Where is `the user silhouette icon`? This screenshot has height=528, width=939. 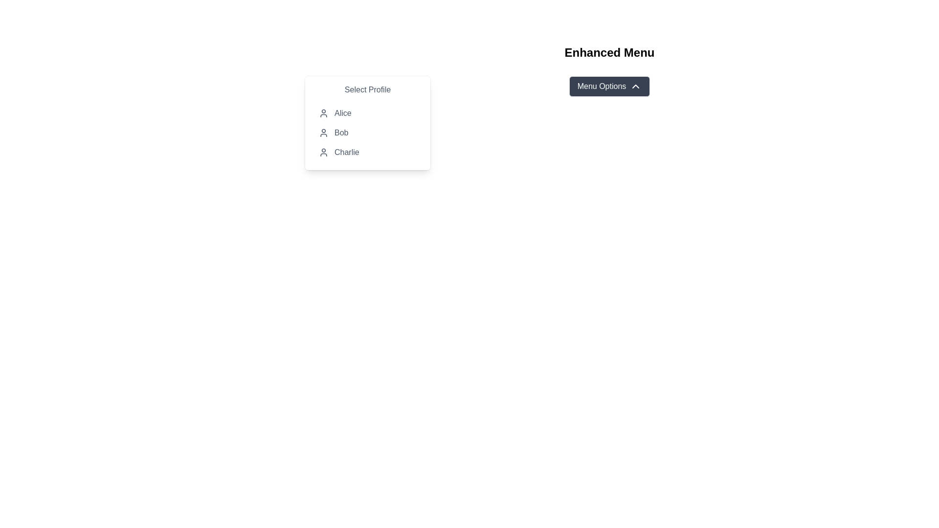 the user silhouette icon is located at coordinates (324, 153).